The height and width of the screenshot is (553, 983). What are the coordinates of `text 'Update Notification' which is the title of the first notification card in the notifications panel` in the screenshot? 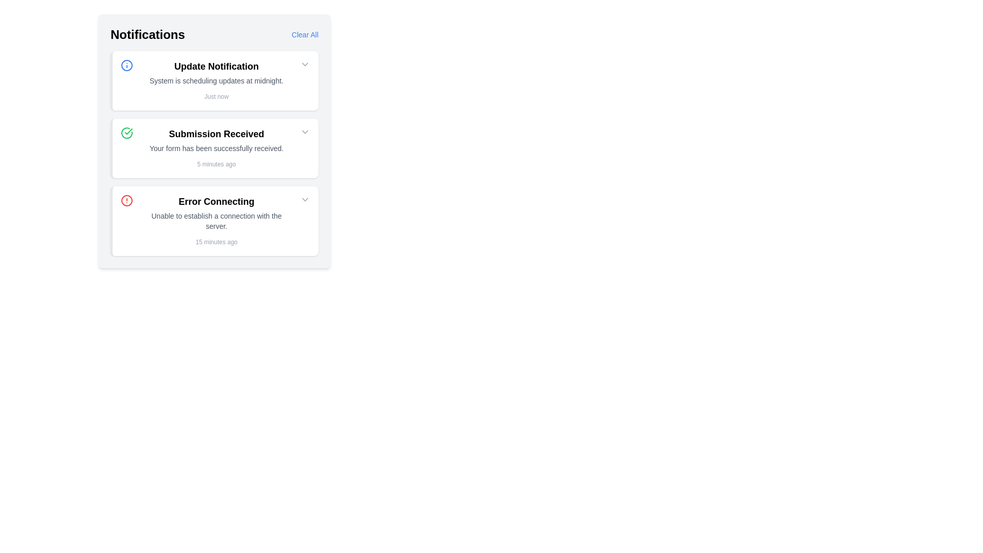 It's located at (216, 67).